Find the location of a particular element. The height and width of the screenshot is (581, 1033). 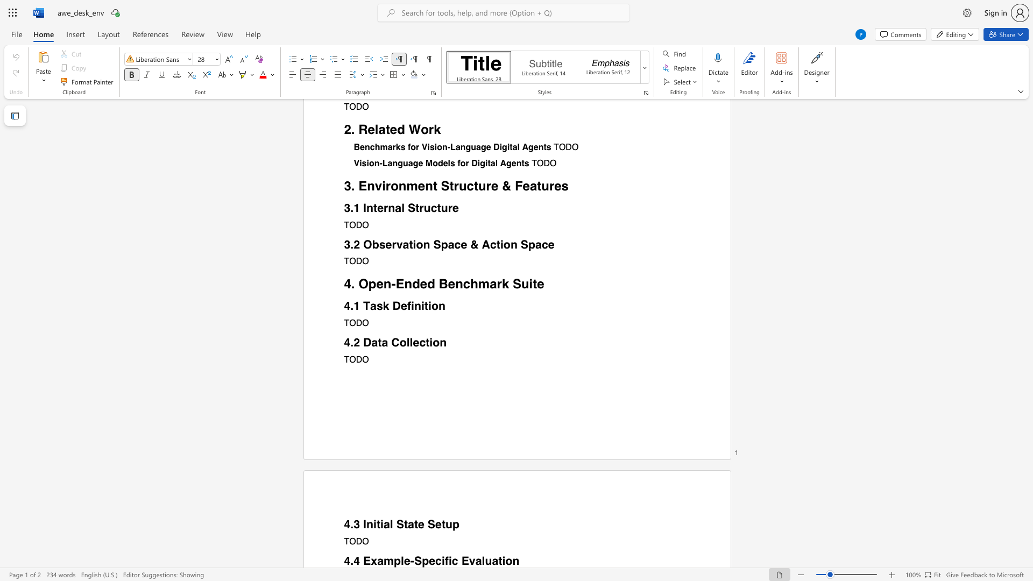

the subset text "Specific Eval" within the text "4.4 Example-Specific Evaluation" is located at coordinates (413, 561).